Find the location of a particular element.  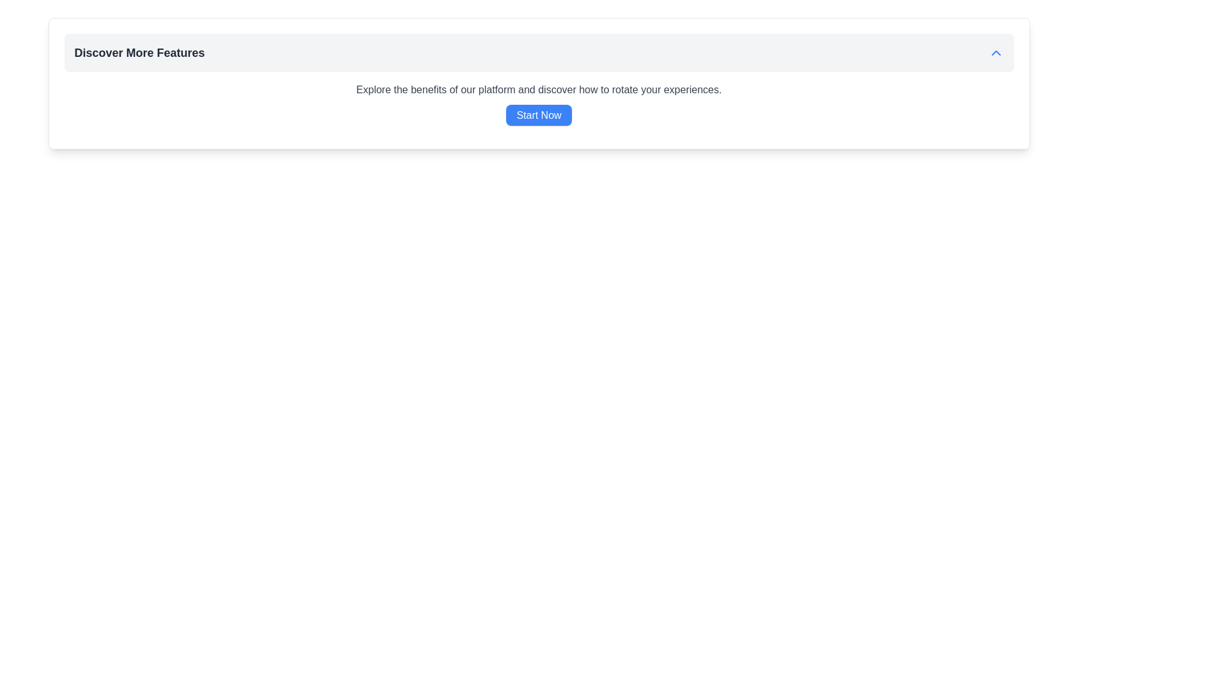

the static text element that reads 'Explore the benefits of our platform and discover how to rotate your experiences.', which is styled in gray and located above the blue 'Start Now' button is located at coordinates (539, 89).